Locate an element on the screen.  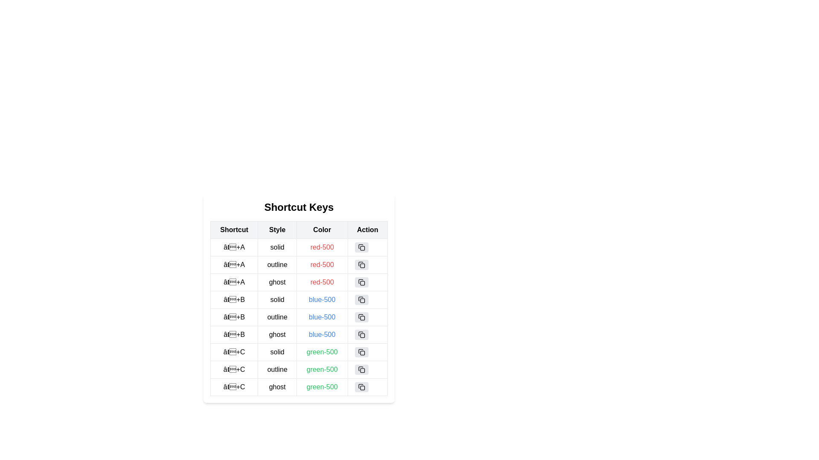
the copy action icon located in the 'Action' column of the last row in the table, which has a 'ghost' style and 'green-500' color is located at coordinates (361, 387).